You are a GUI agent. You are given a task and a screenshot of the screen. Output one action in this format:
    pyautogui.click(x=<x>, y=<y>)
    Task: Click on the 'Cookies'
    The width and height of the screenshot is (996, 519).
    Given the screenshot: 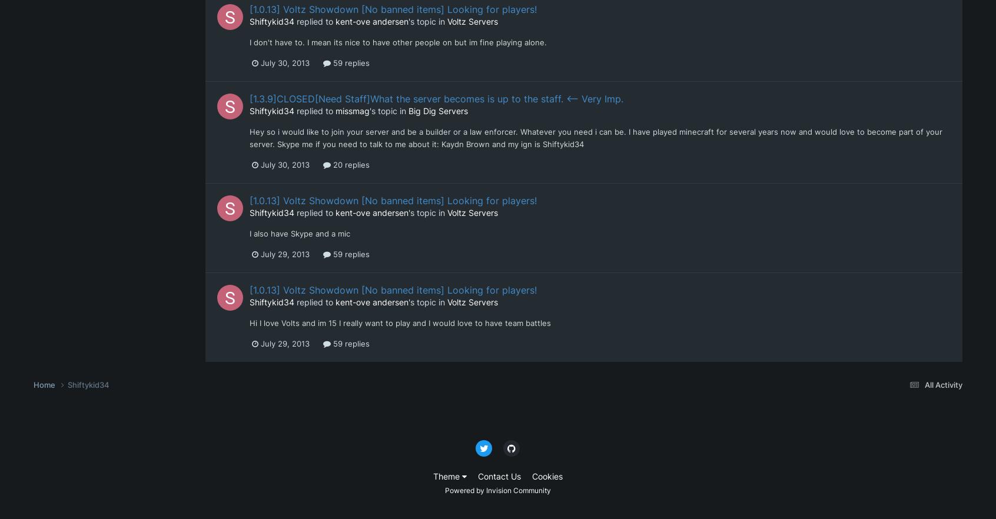 What is the action you would take?
    pyautogui.click(x=531, y=475)
    